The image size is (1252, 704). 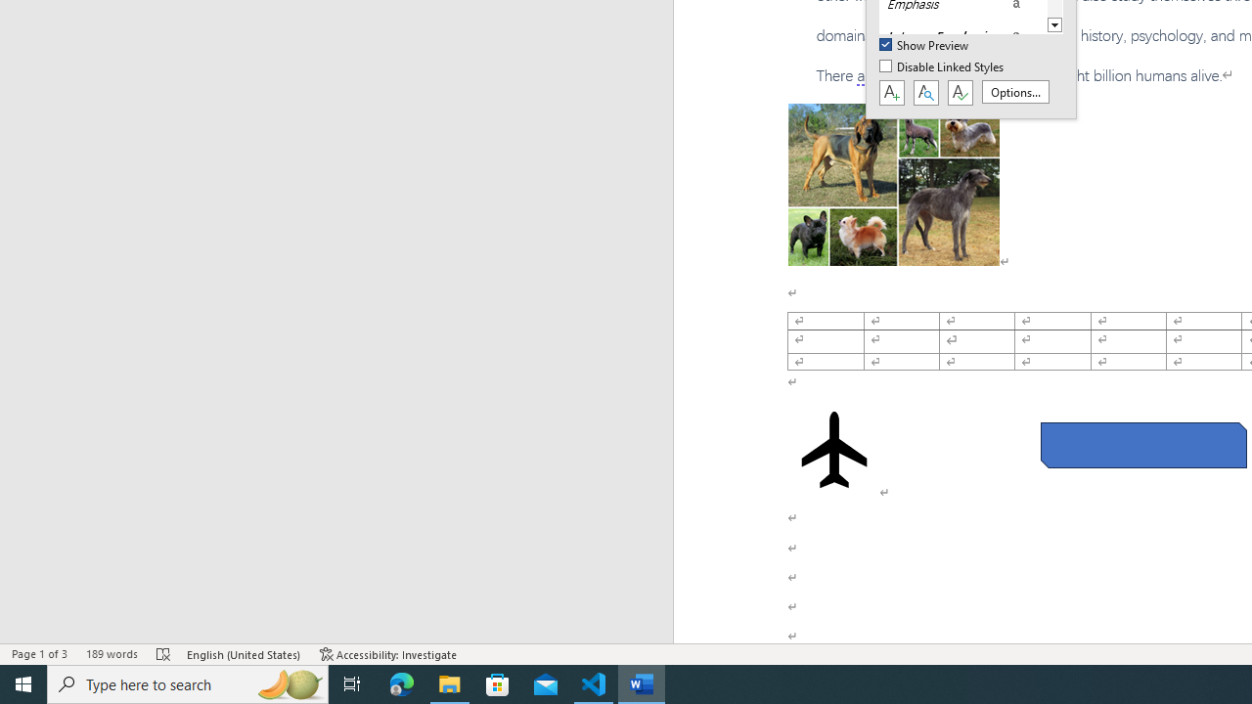 What do you see at coordinates (960, 93) in the screenshot?
I see `'Class: NetUIButton'` at bounding box center [960, 93].